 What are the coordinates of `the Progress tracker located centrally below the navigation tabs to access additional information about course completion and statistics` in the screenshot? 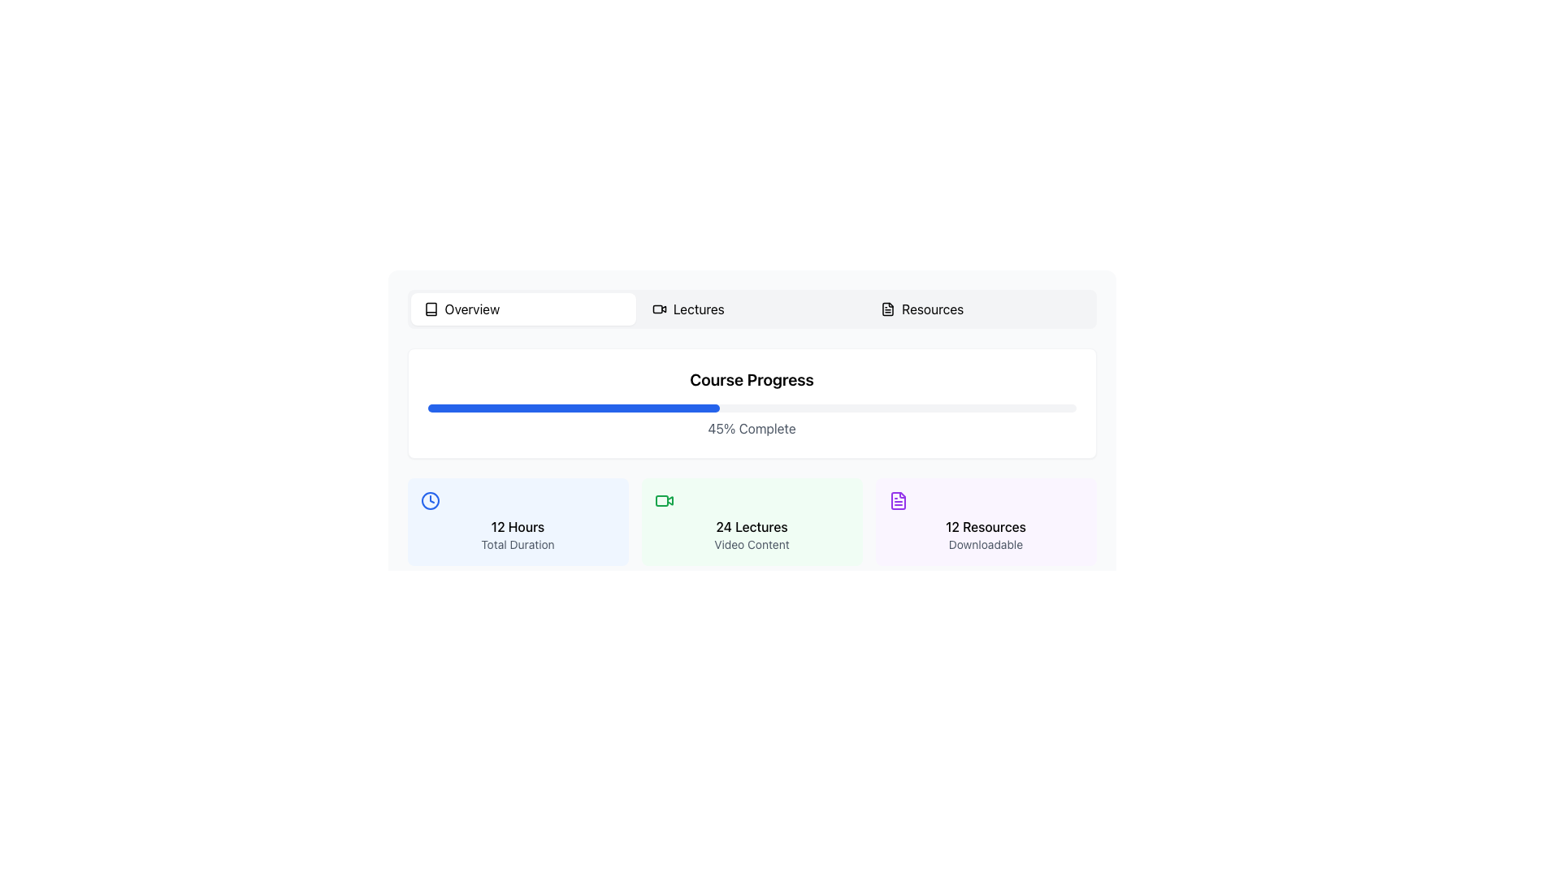 It's located at (751, 457).